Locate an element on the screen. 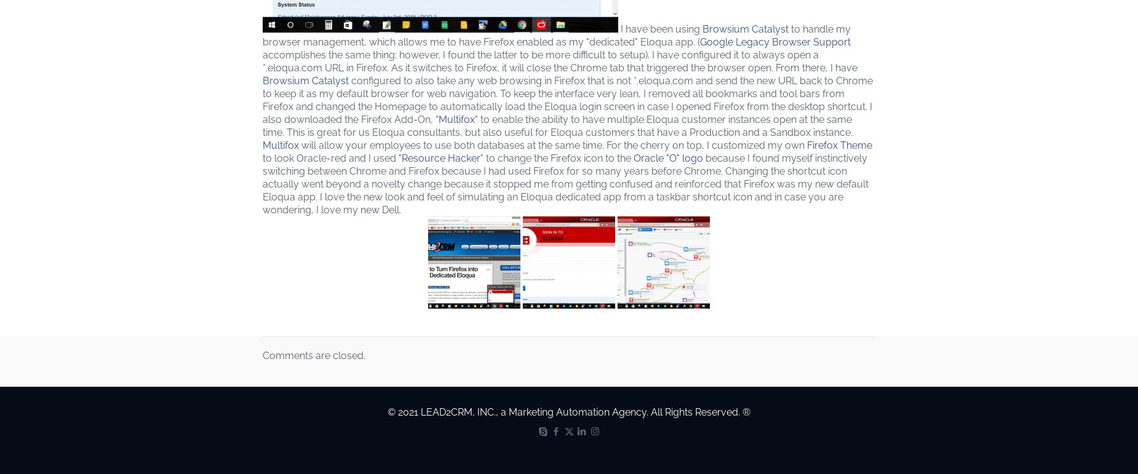  'Resource Hacker' is located at coordinates (441, 157).